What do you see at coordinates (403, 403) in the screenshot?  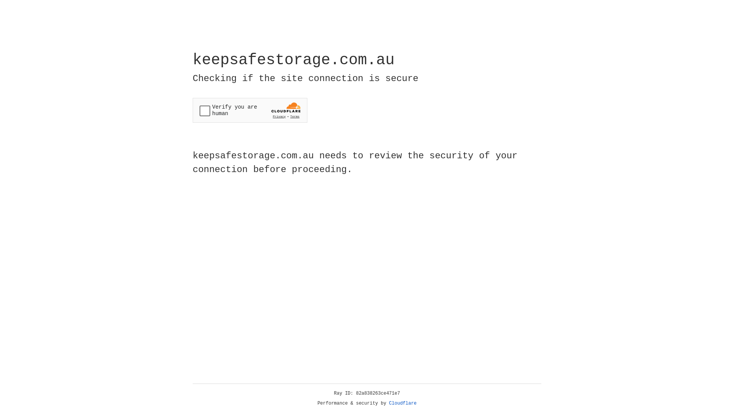 I see `'Cloudflare'` at bounding box center [403, 403].